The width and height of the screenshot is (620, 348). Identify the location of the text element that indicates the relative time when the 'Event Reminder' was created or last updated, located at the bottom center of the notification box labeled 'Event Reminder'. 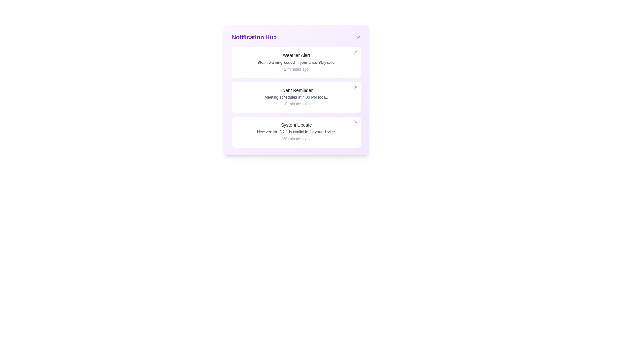
(296, 104).